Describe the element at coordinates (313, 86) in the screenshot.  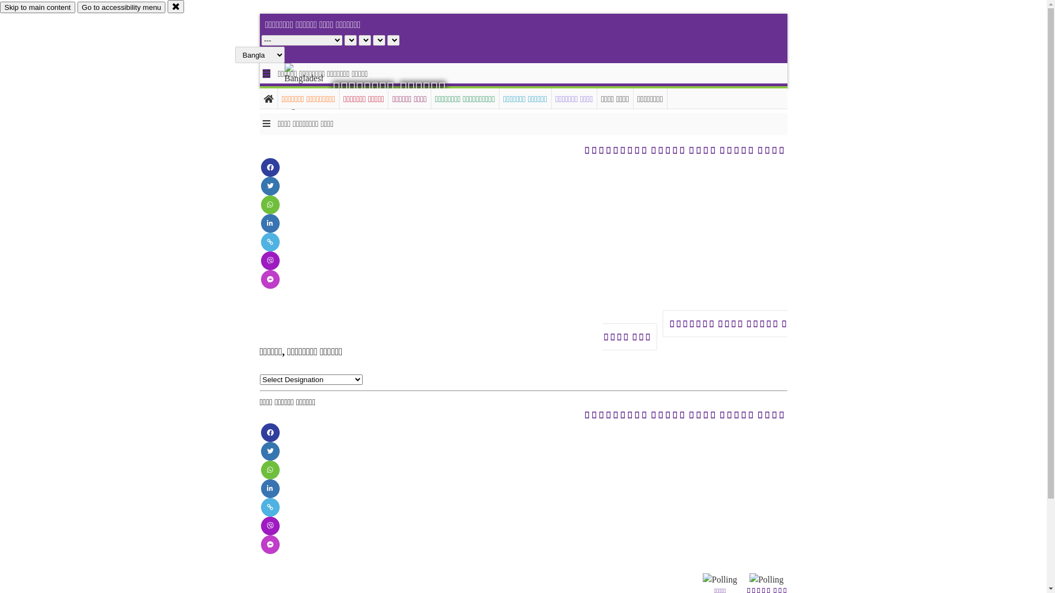
I see `'` at that location.